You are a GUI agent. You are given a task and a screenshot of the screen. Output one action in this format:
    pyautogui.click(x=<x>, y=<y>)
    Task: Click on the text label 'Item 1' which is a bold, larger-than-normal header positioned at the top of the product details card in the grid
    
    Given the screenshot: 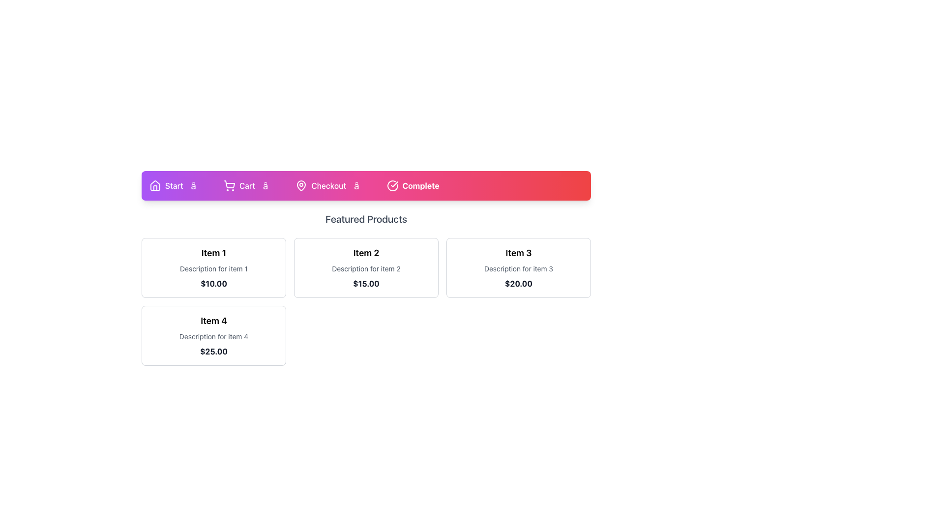 What is the action you would take?
    pyautogui.click(x=213, y=253)
    